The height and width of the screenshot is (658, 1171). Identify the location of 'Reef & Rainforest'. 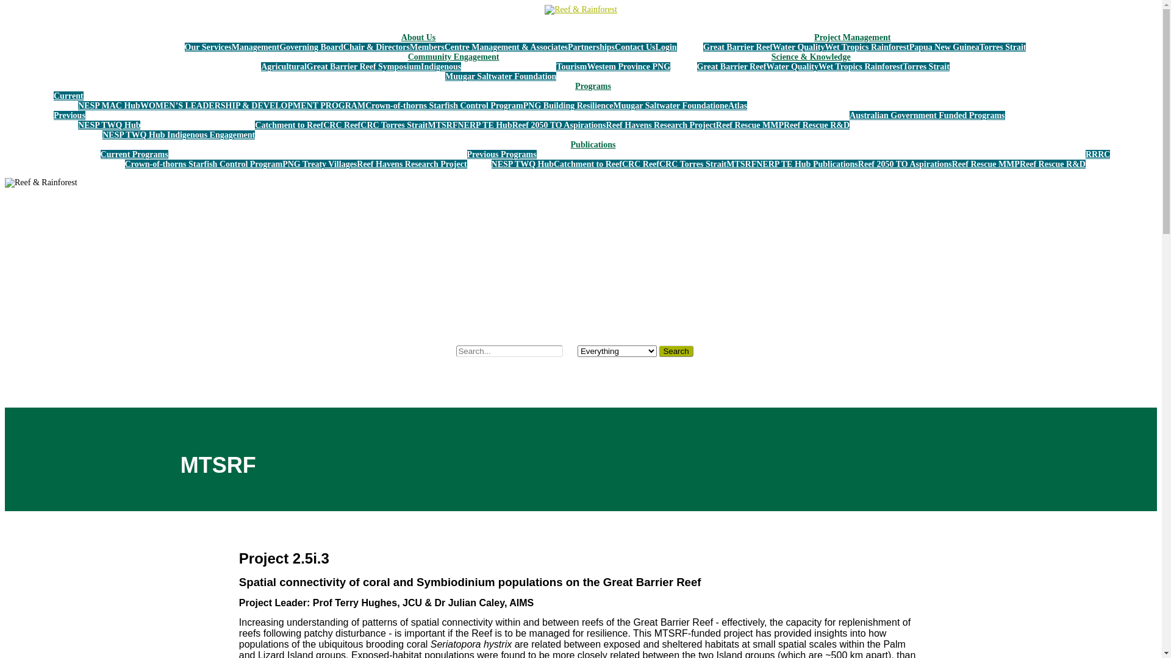
(580, 9).